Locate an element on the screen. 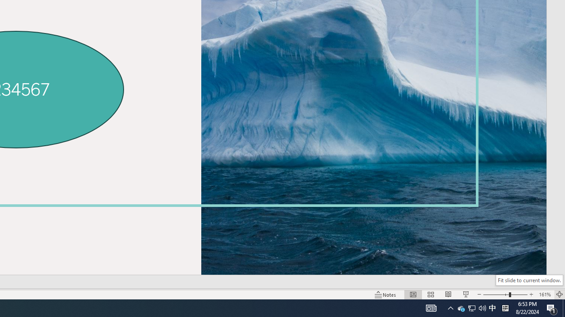  'Zoom' is located at coordinates (505, 295).